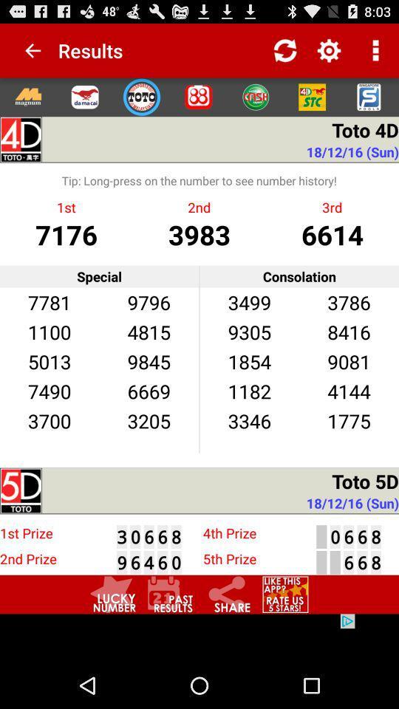 The image size is (399, 709). I want to click on icon below the 8416, so click(349, 360).